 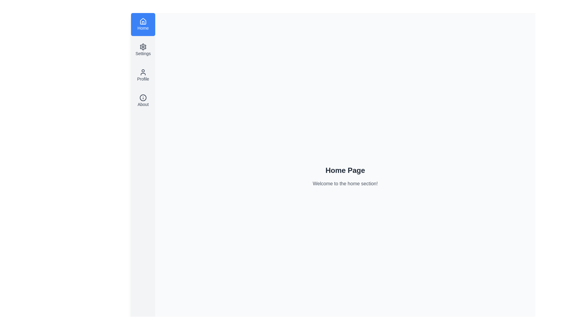 I want to click on the sidebar menu option Profile, so click(x=143, y=75).